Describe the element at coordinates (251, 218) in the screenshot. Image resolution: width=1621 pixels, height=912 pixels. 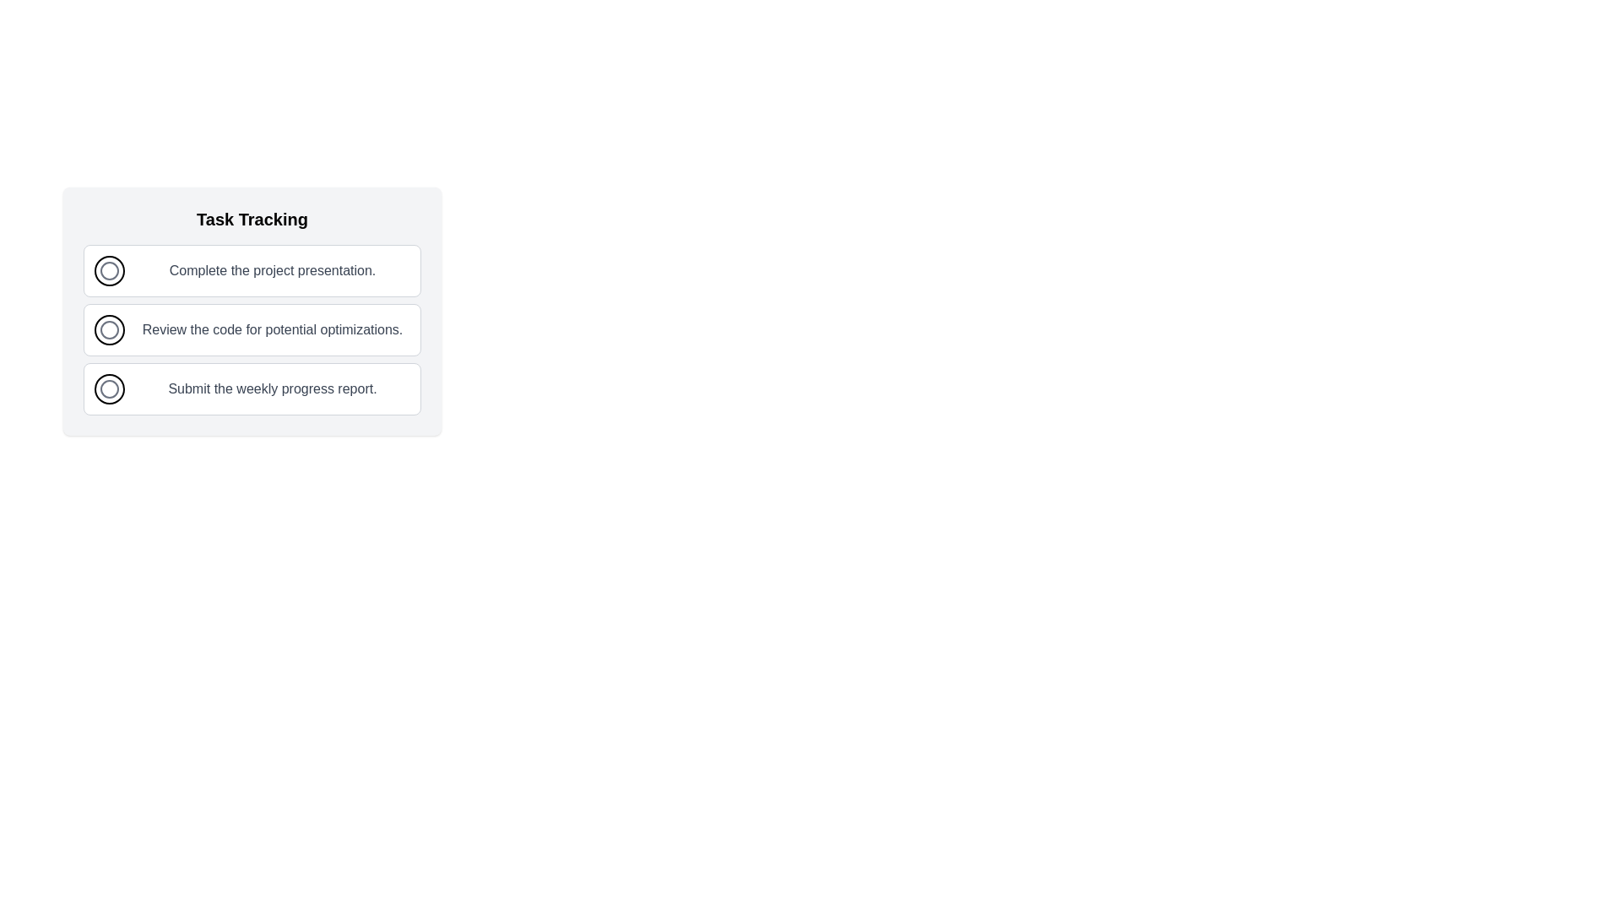
I see `the Text Label that serves as the title or header indicating the section's purpose for tracking tasks` at that location.